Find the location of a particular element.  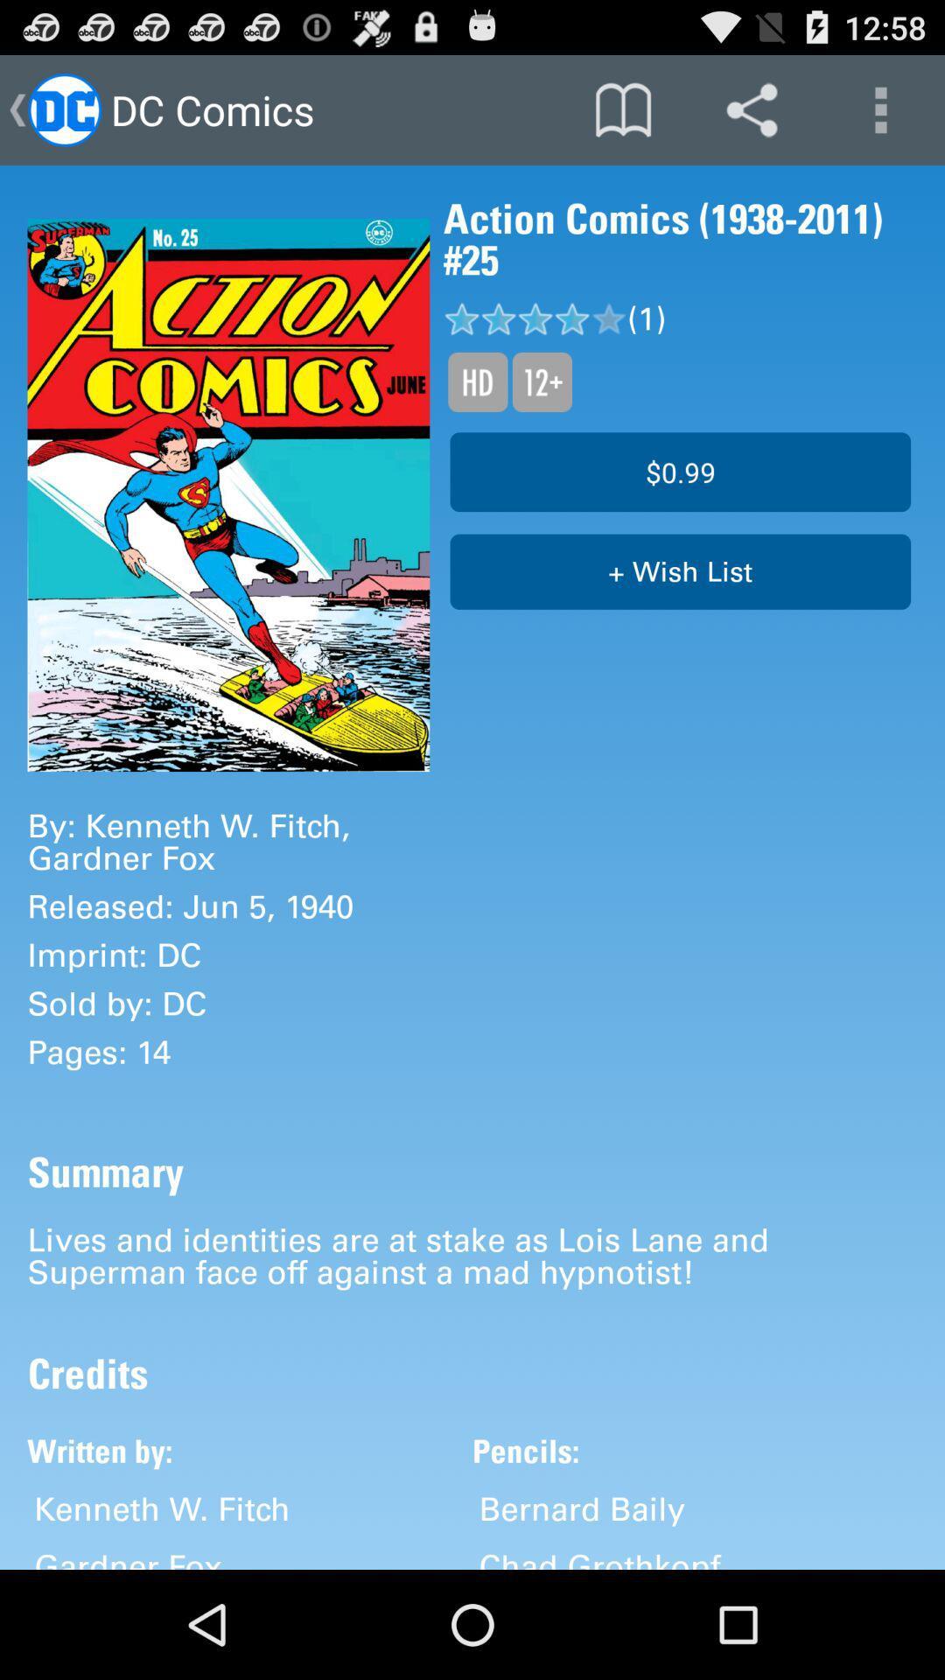

$0.99 is located at coordinates (679, 472).